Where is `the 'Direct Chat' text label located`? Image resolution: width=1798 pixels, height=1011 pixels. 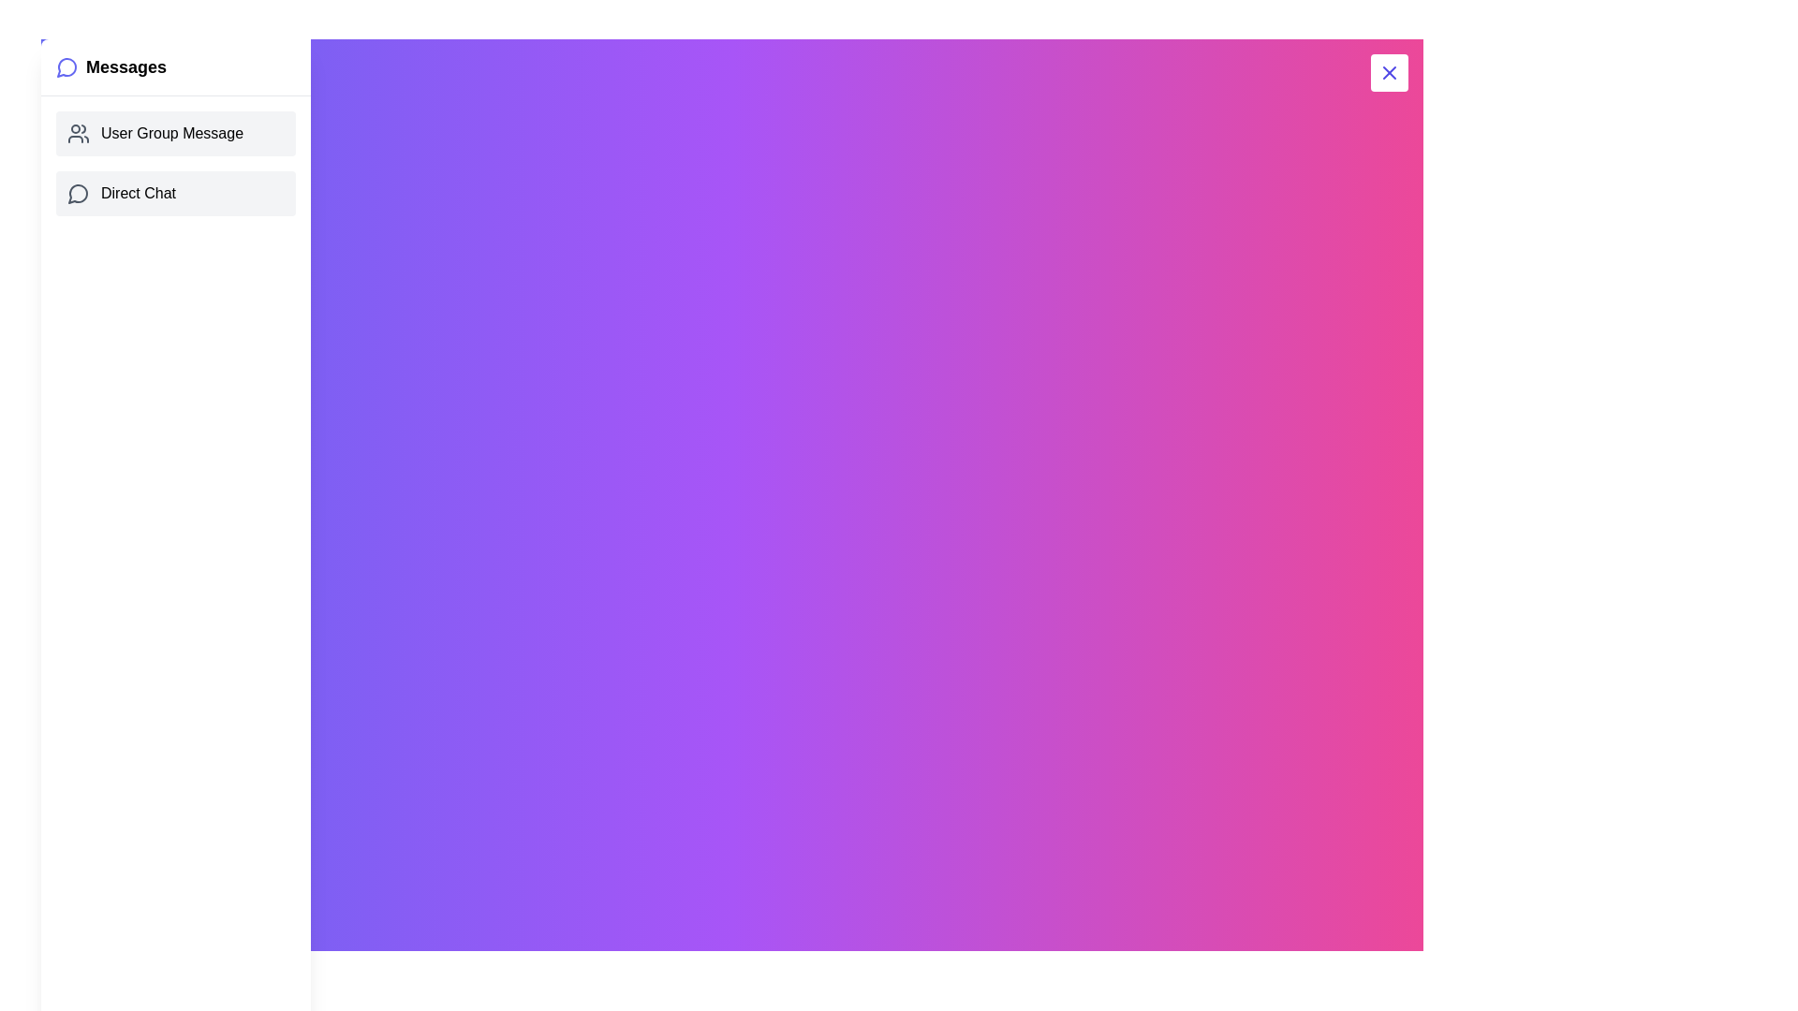
the 'Direct Chat' text label located is located at coordinates (138, 194).